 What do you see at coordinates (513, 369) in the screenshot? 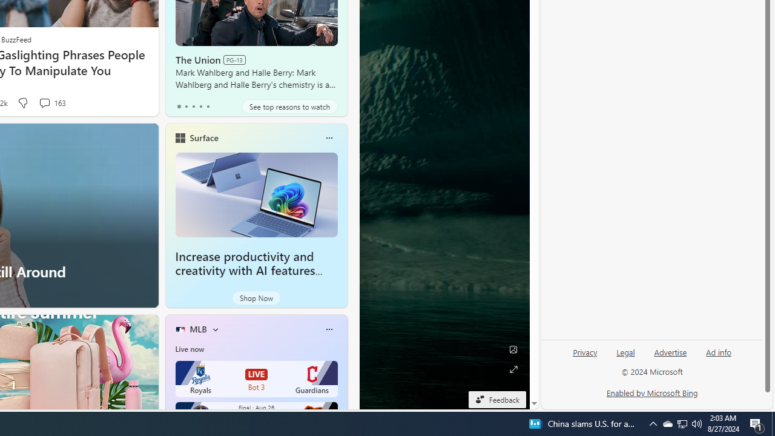
I see `'Expand background'` at bounding box center [513, 369].